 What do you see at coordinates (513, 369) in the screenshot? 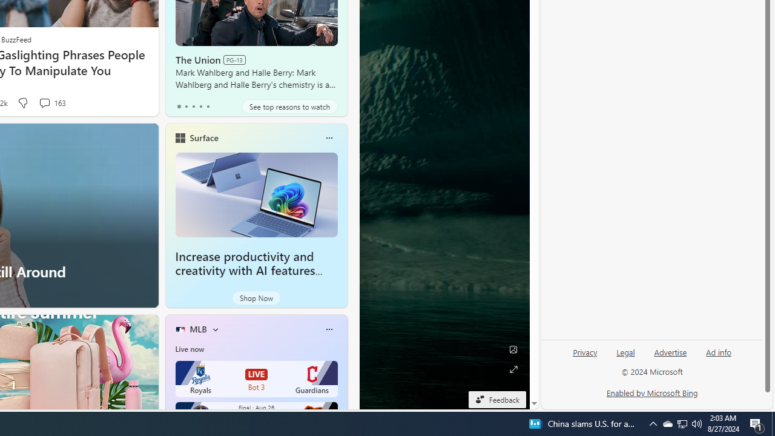
I see `'Expand background'` at bounding box center [513, 369].